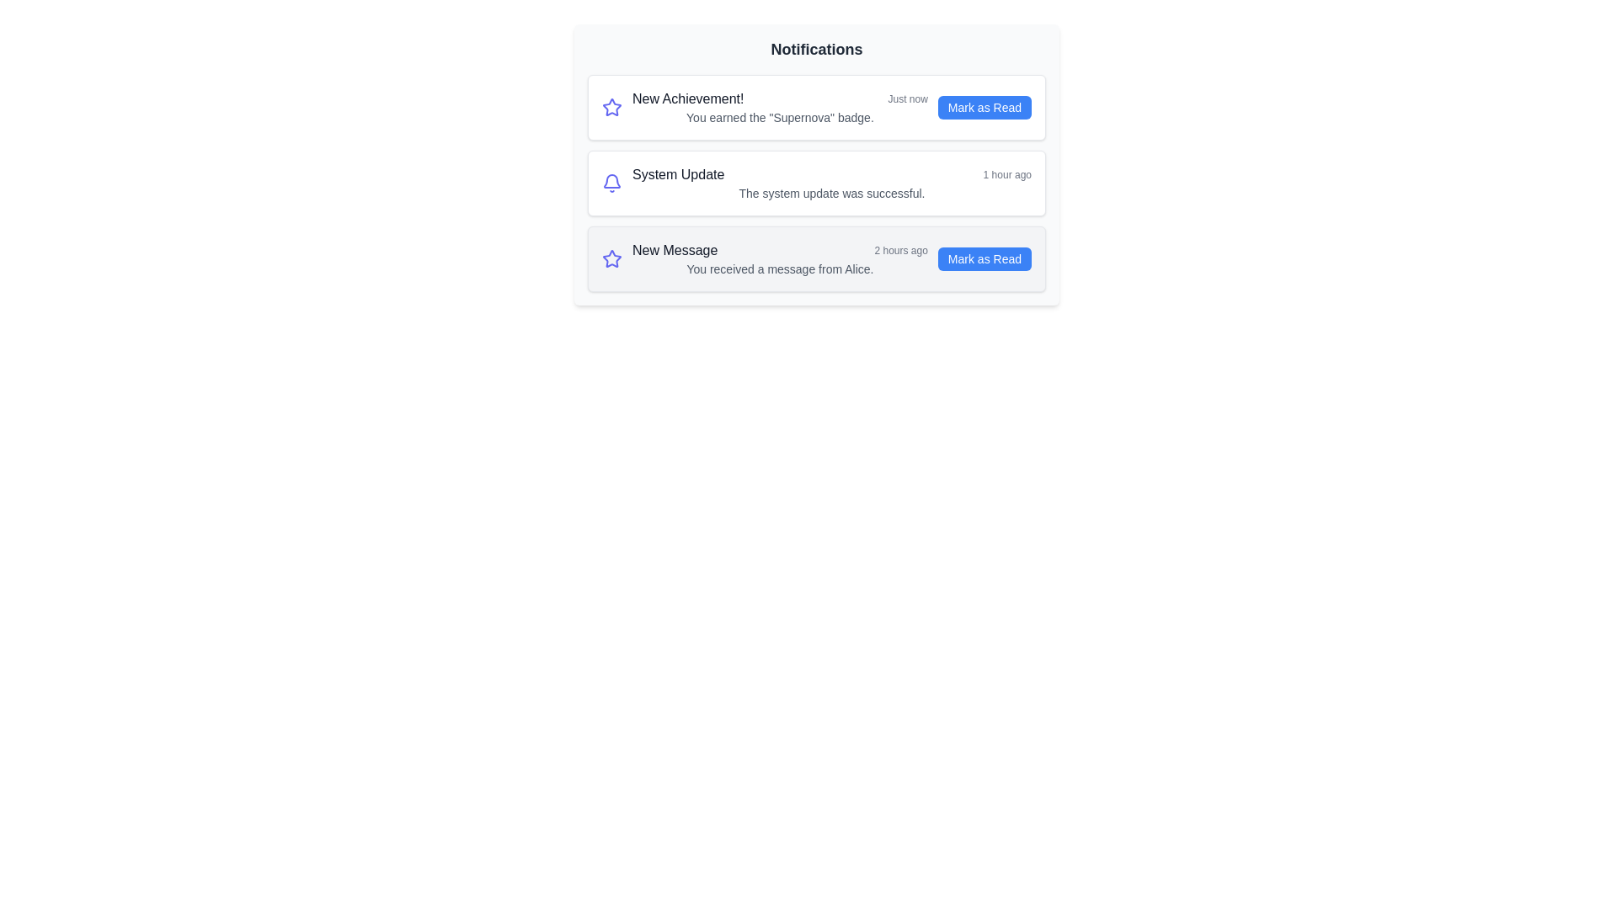  What do you see at coordinates (779, 259) in the screenshot?
I see `message details of the notification titled 'New Message' which contains the message 'You received a message from Alice.'` at bounding box center [779, 259].